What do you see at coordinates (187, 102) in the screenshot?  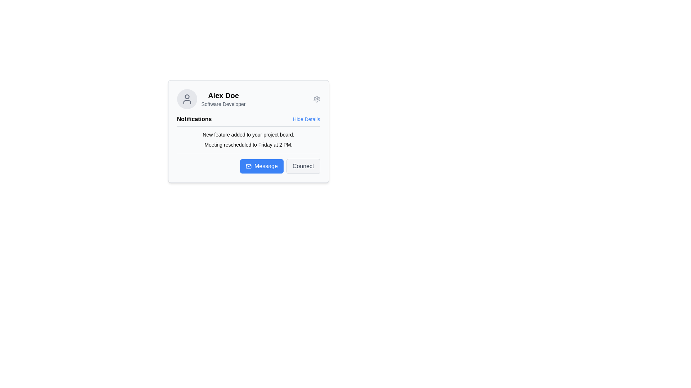 I see `the lower part of the user icon, which is a geometric shape resembling a torso within the circular avatar frame` at bounding box center [187, 102].